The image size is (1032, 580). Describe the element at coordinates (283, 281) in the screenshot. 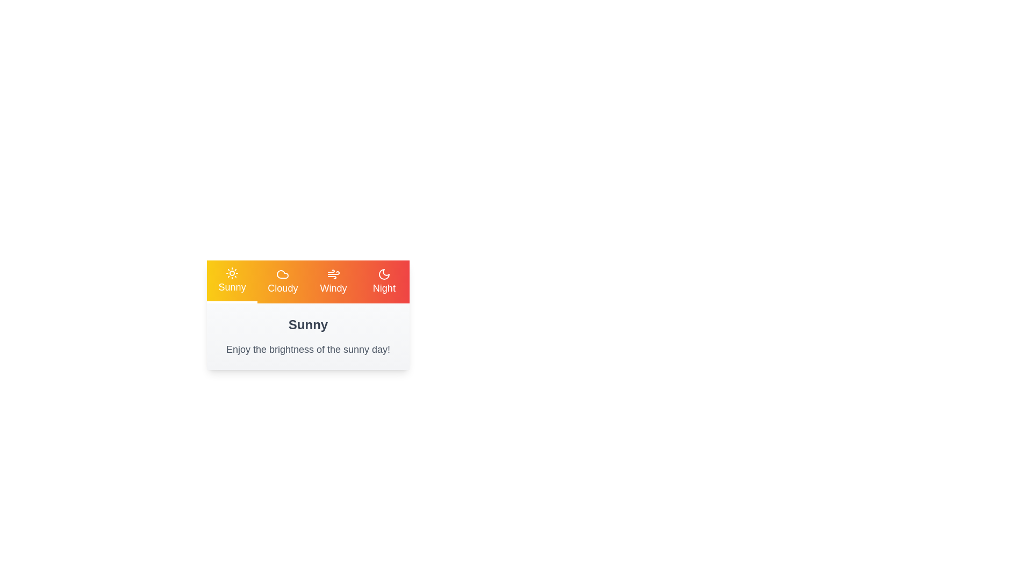

I see `the Cloudy tab to observe its visual state change` at that location.